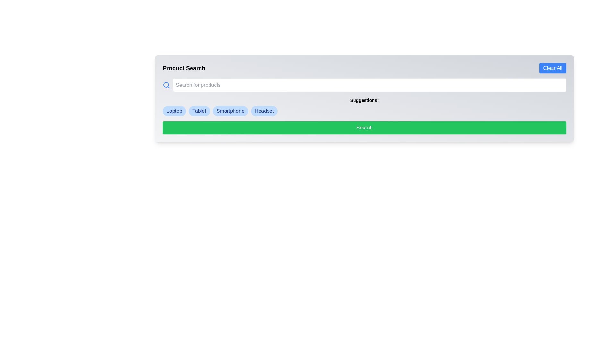 Image resolution: width=616 pixels, height=346 pixels. I want to click on the 'Laptop' category button, which is a pill-shaped button with a light blue background and bold dark blue text, positioned leftmost in a row of similar buttons, so click(174, 111).